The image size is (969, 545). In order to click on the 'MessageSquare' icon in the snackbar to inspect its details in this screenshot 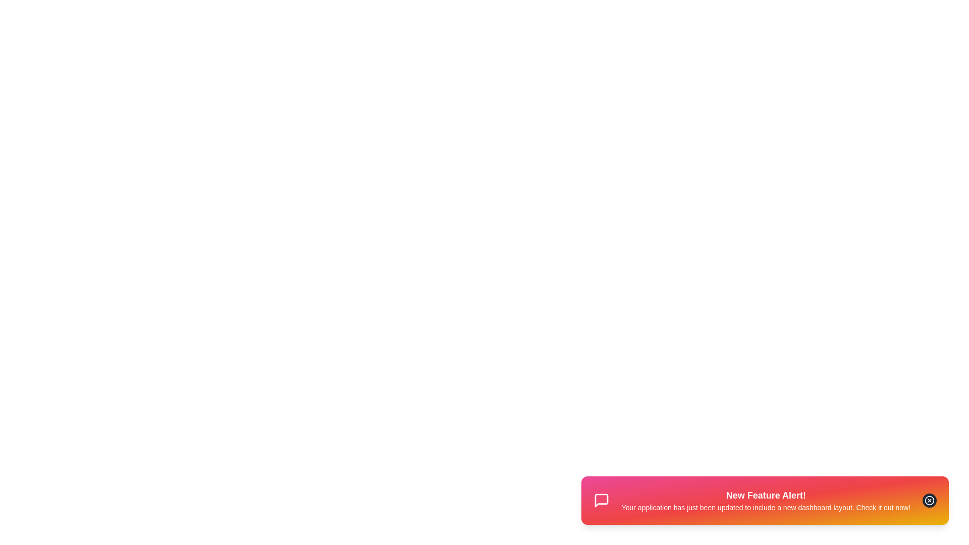, I will do `click(601, 500)`.